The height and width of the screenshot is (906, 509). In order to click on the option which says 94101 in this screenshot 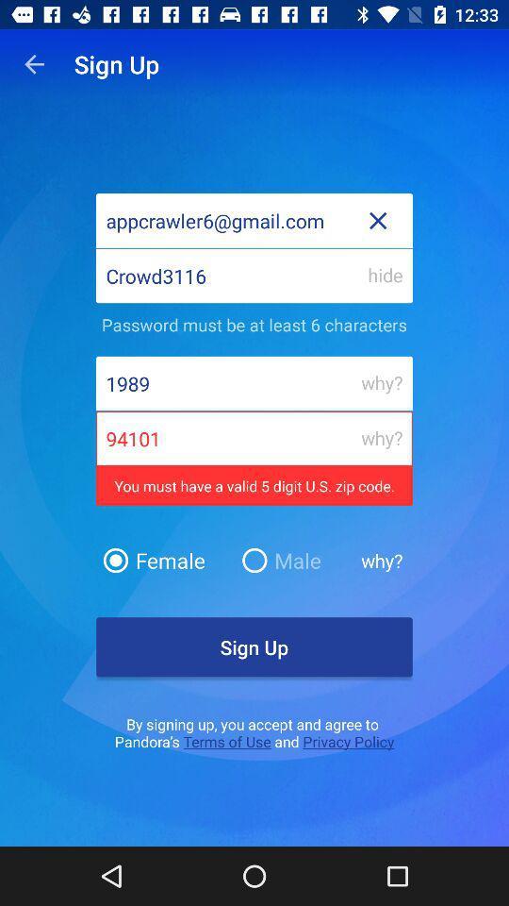, I will do `click(254, 461)`.